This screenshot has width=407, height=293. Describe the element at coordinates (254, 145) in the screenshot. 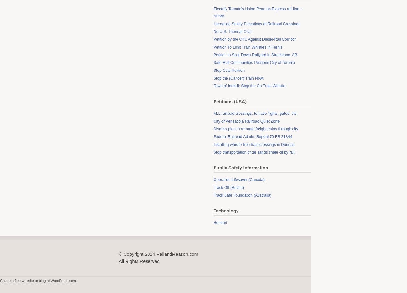

I see `'Installing whistle-free train crossings in Dundas'` at that location.